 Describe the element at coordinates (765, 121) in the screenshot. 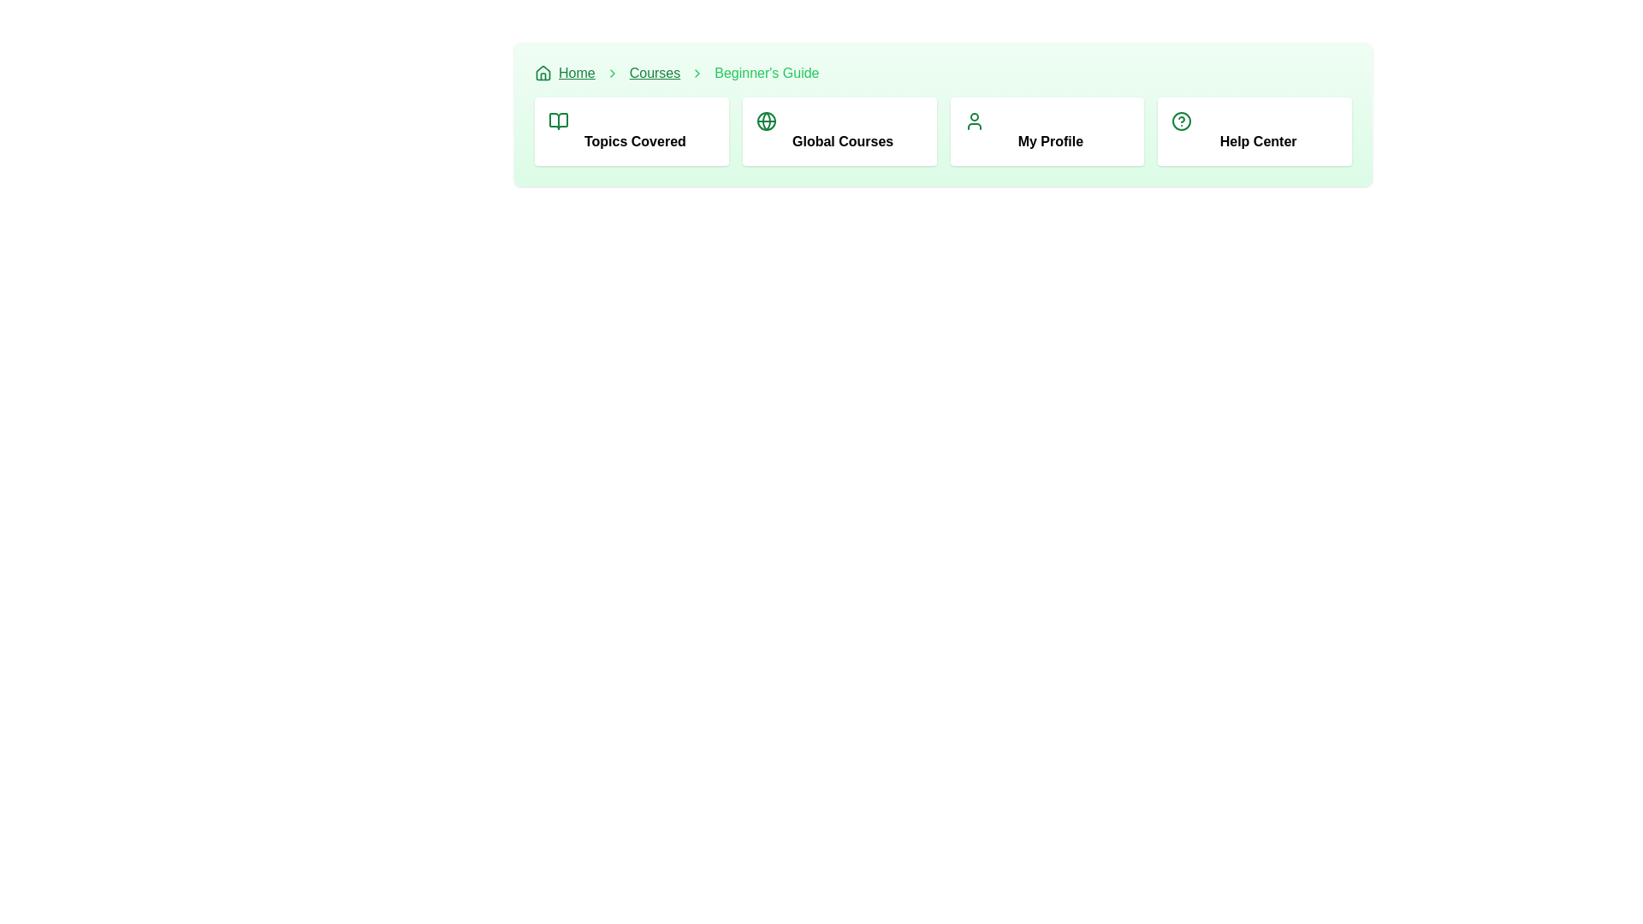

I see `attributes of the central circle element within the 'Global Courses' globe icon, which is characterized by its green outline and representation of Earth's curvature lines` at that location.